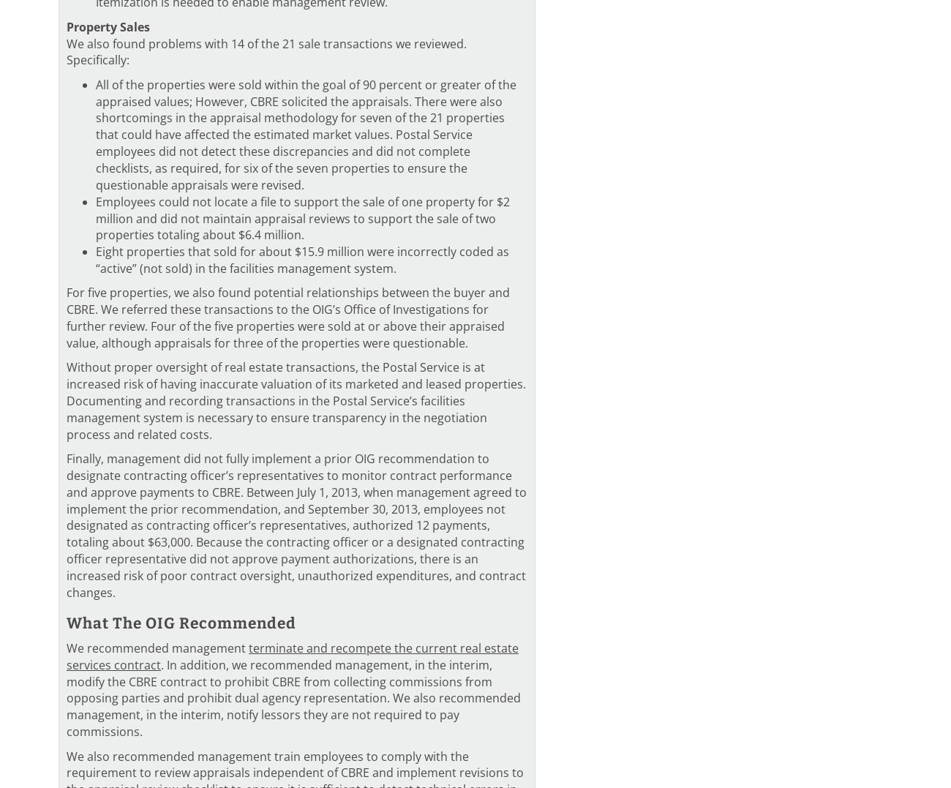 The height and width of the screenshot is (788, 951). I want to click on 'Eight properties that sold for about $15.9 million were incorrectly coded as “active” (not sold) in the facilities management system.', so click(302, 259).